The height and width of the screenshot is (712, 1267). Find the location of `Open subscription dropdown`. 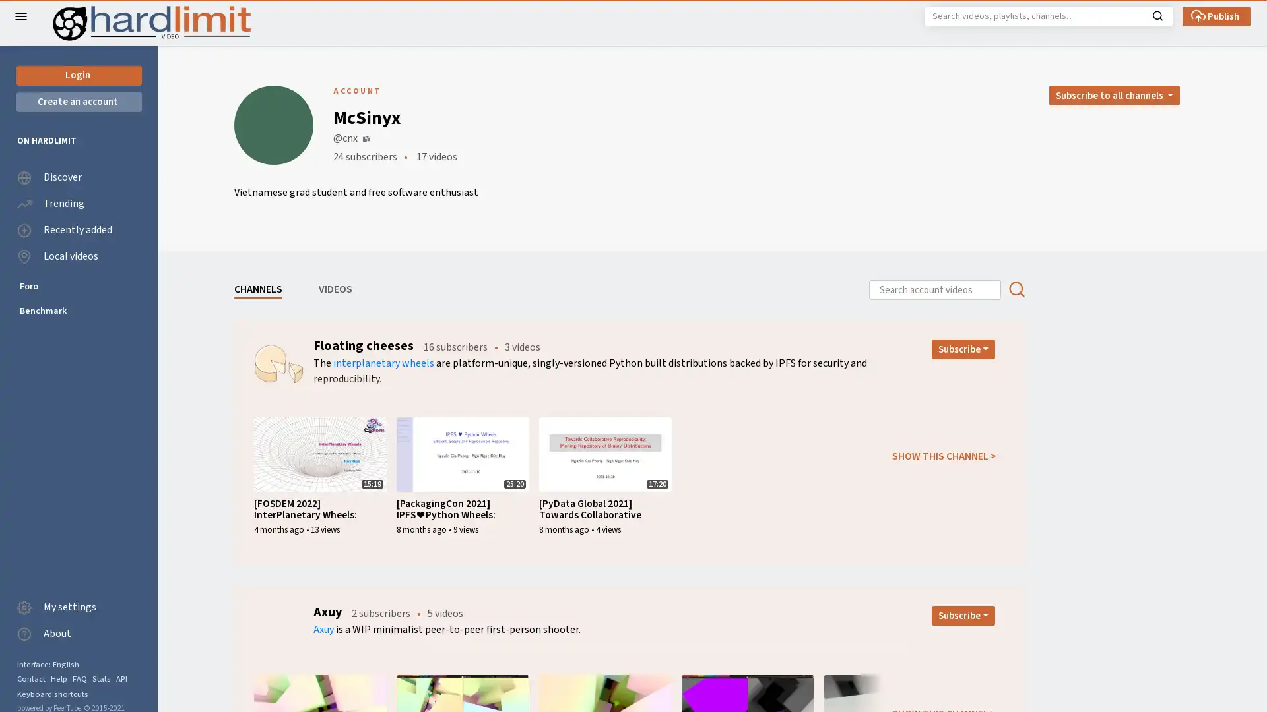

Open subscription dropdown is located at coordinates (963, 348).